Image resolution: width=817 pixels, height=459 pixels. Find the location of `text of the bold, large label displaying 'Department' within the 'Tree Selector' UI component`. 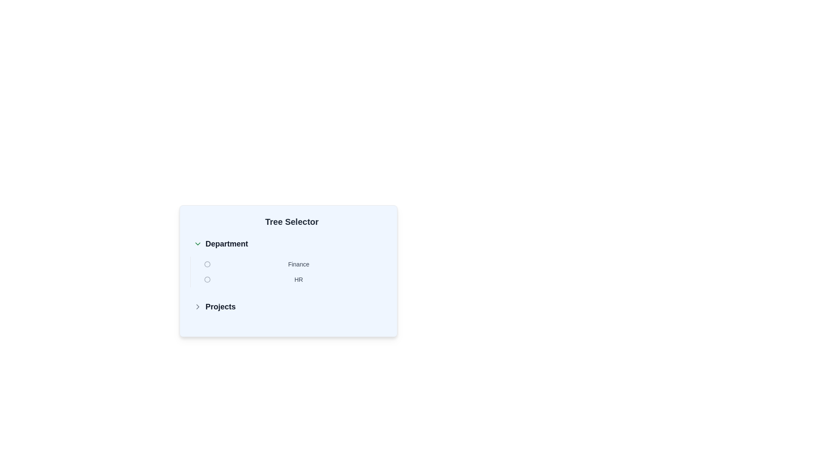

text of the bold, large label displaying 'Department' within the 'Tree Selector' UI component is located at coordinates (226, 244).